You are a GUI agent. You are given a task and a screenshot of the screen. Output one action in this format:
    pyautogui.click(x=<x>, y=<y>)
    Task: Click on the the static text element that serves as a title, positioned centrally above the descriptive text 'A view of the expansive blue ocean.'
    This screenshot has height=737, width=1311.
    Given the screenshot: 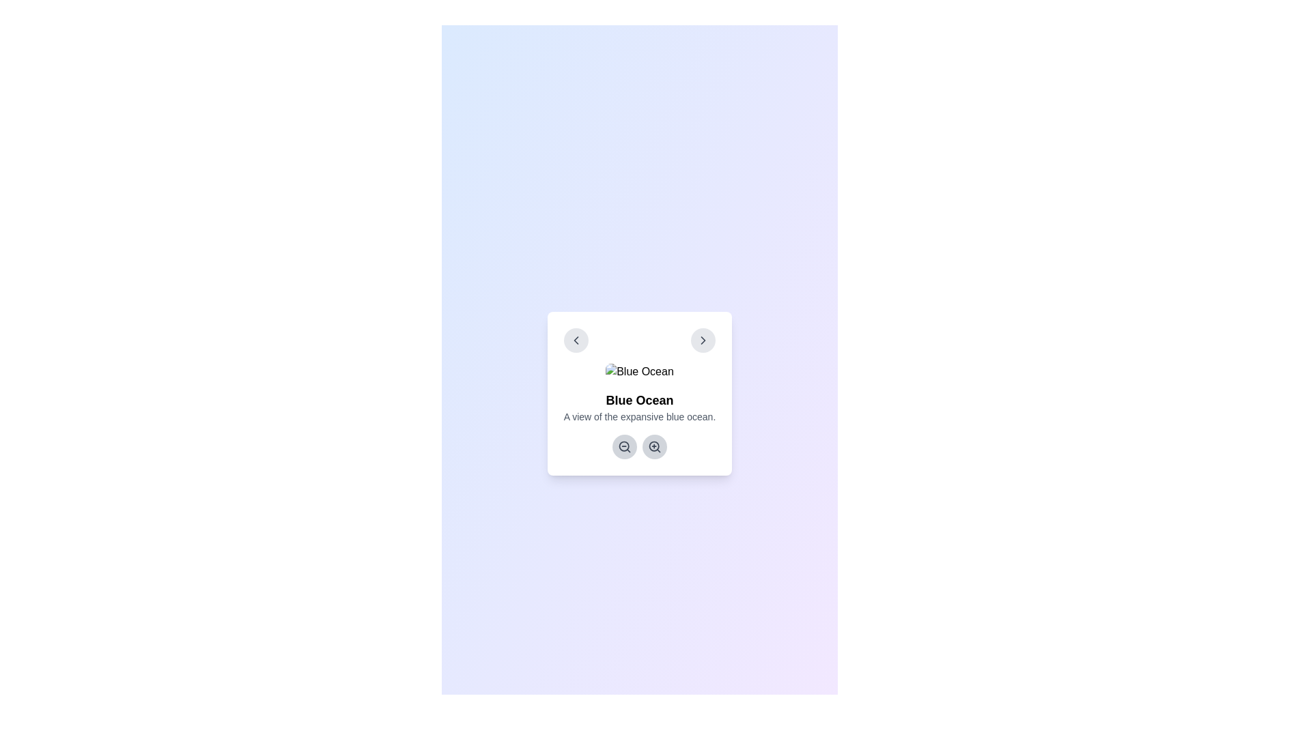 What is the action you would take?
    pyautogui.click(x=638, y=399)
    